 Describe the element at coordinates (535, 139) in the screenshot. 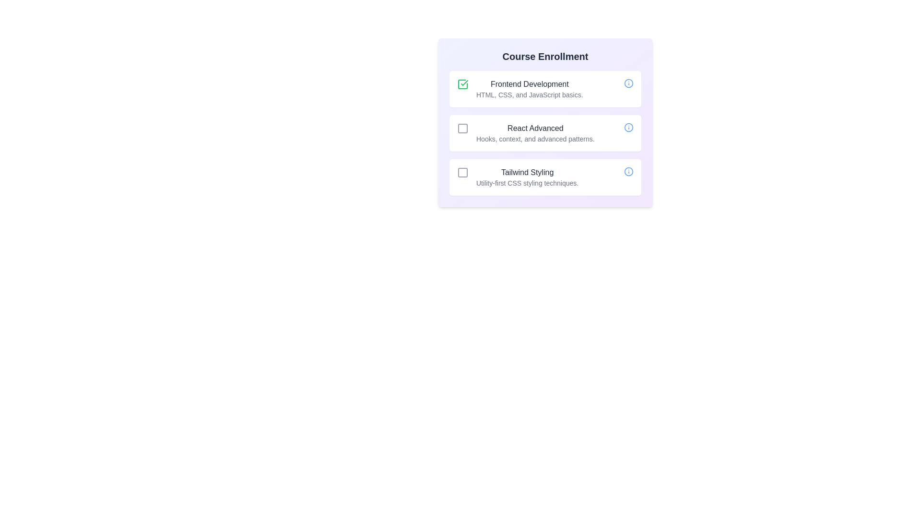

I see `the text label 'Hooks, context, and advanced patterns.' which is located beneath the heading 'React Advanced' in the course options list` at that location.